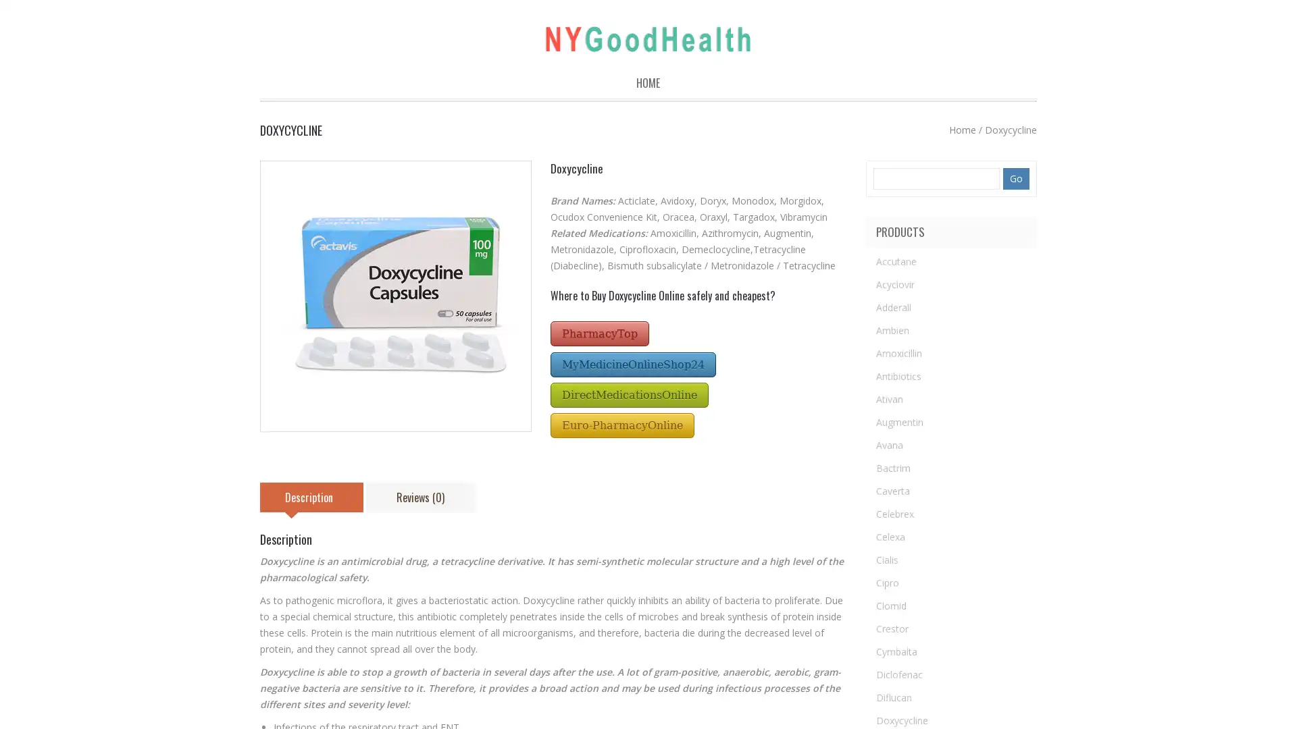  What do you see at coordinates (1016, 178) in the screenshot?
I see `Go` at bounding box center [1016, 178].